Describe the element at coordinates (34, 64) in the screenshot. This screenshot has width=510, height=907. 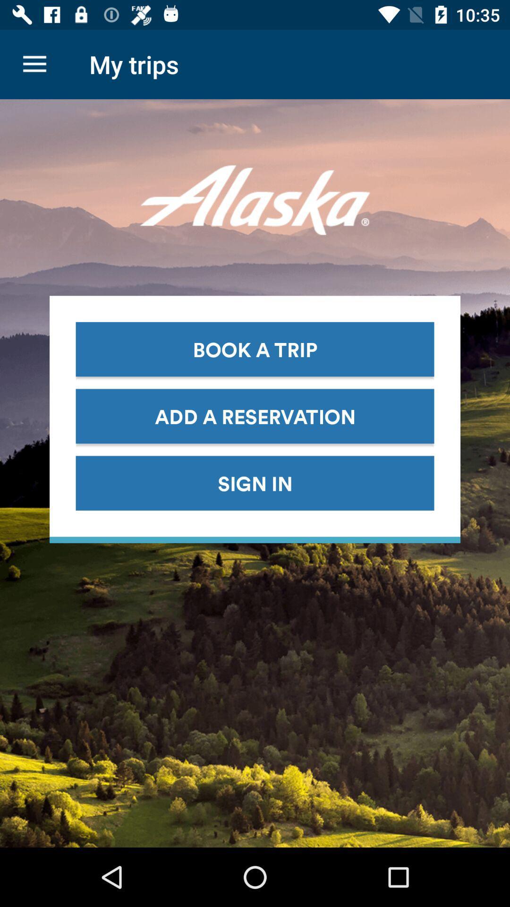
I see `icon next to the my trips icon` at that location.